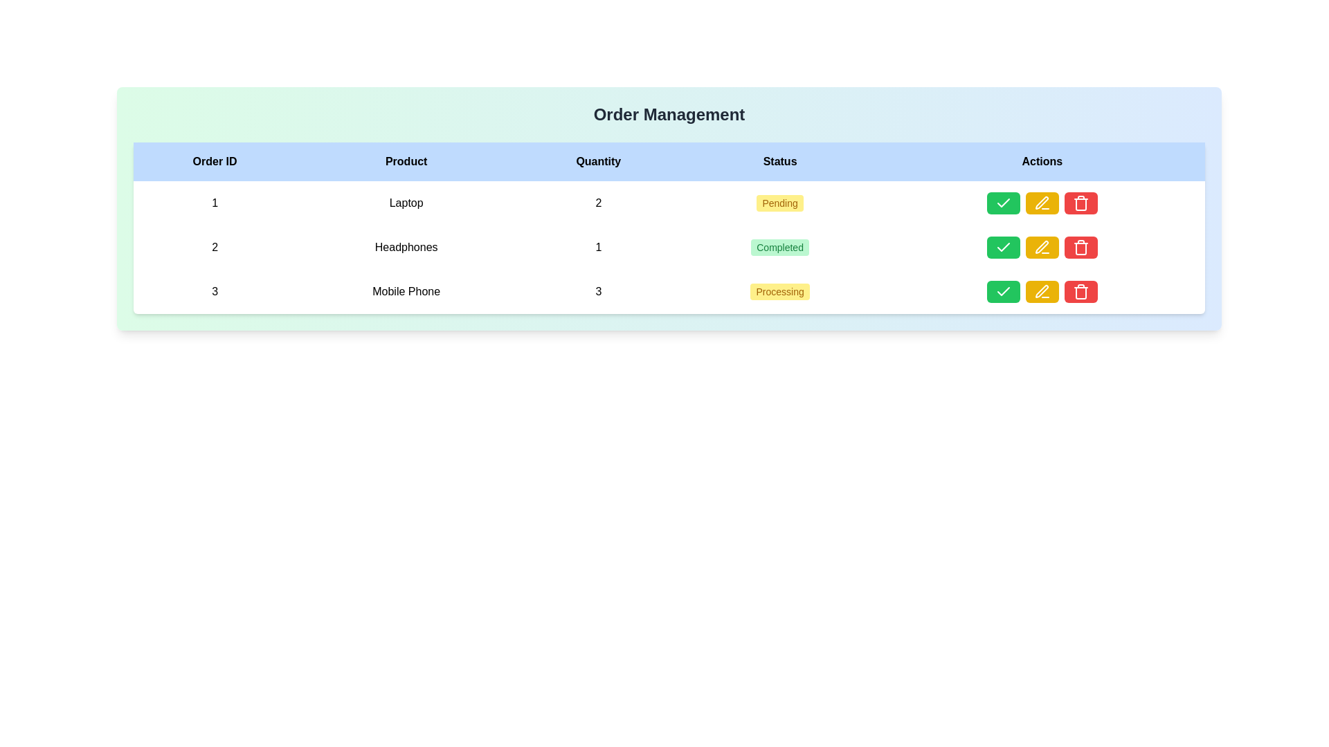 This screenshot has width=1329, height=747. What do you see at coordinates (598, 161) in the screenshot?
I see `the 'Quantity' column header in the table, which is the third item in the row of headers, positioned between 'Product' and 'Status'` at bounding box center [598, 161].